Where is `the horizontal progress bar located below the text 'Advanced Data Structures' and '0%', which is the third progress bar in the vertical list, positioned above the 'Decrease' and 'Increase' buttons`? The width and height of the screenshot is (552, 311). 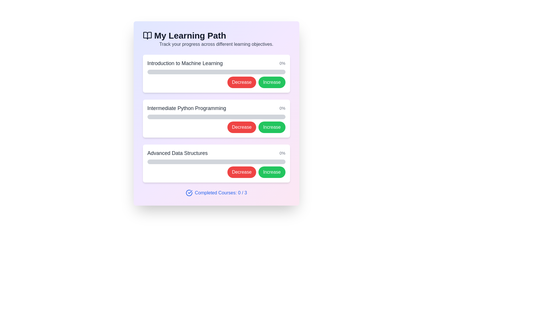
the horizontal progress bar located below the text 'Advanced Data Structures' and '0%', which is the third progress bar in the vertical list, positioned above the 'Decrease' and 'Increase' buttons is located at coordinates (216, 162).